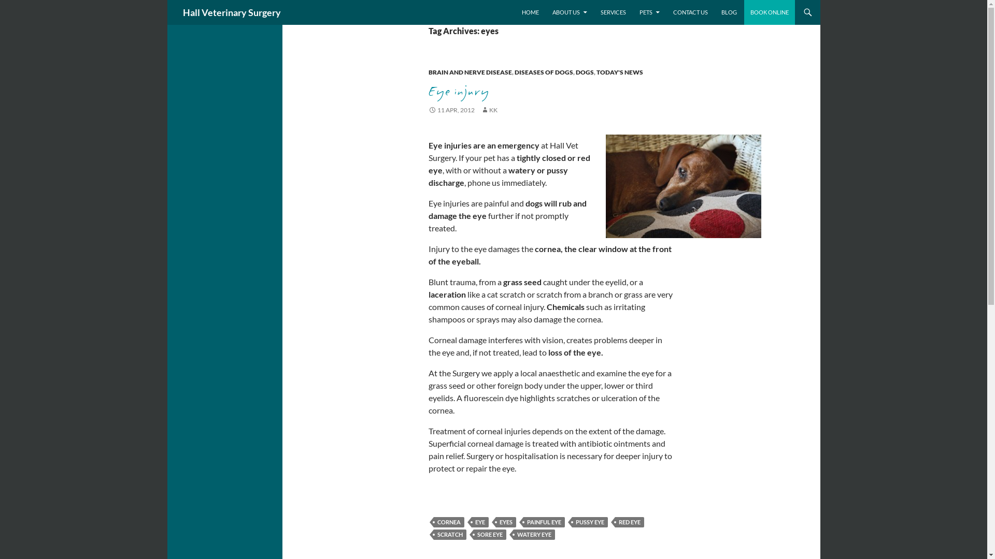 Image resolution: width=995 pixels, height=559 pixels. Describe the element at coordinates (619, 71) in the screenshot. I see `'TODAY'S NEWS'` at that location.